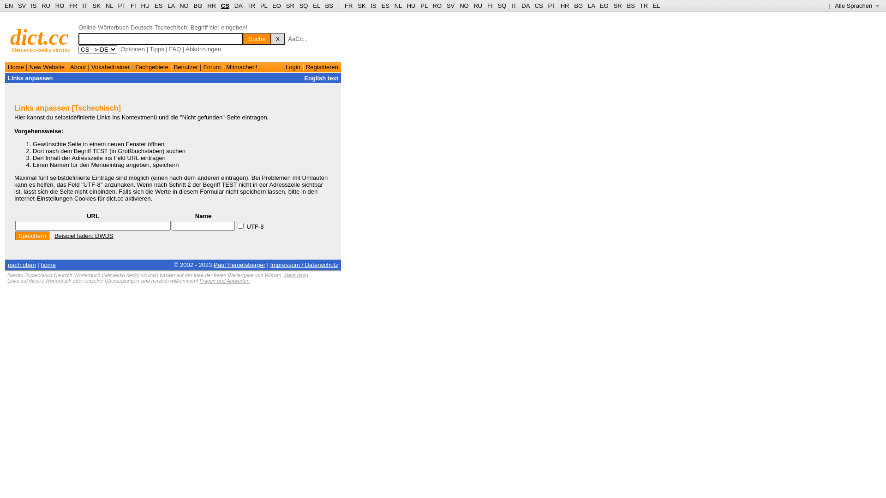 The height and width of the screenshot is (498, 886). What do you see at coordinates (221, 6) in the screenshot?
I see `'CS'` at bounding box center [221, 6].